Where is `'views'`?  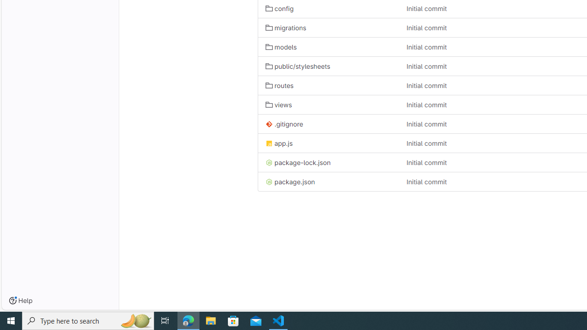 'views' is located at coordinates (328, 104).